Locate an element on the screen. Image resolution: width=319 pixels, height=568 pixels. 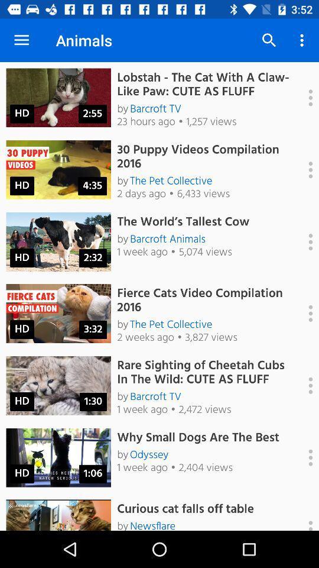
open video options is located at coordinates (304, 457).